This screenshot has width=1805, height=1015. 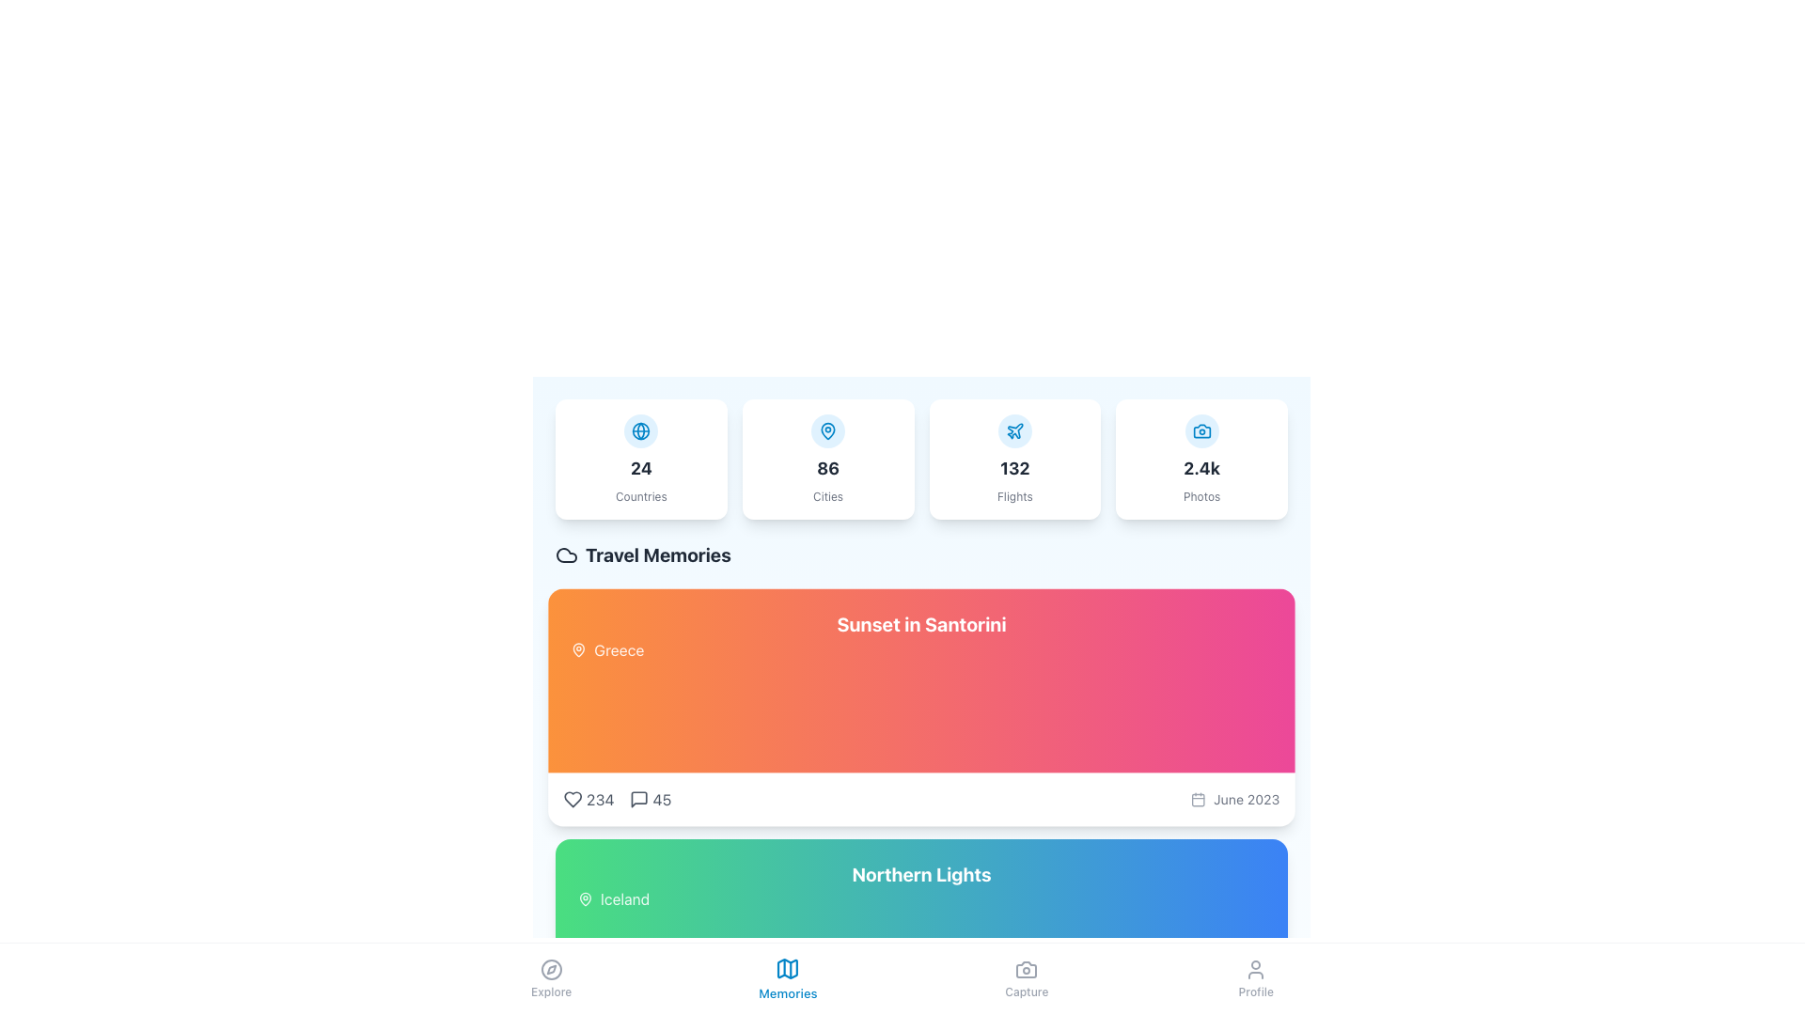 I want to click on the 'Explore' button located at the bottom-left corner of the navigation bar, which features a compass icon and the label 'Explore', so click(x=550, y=977).